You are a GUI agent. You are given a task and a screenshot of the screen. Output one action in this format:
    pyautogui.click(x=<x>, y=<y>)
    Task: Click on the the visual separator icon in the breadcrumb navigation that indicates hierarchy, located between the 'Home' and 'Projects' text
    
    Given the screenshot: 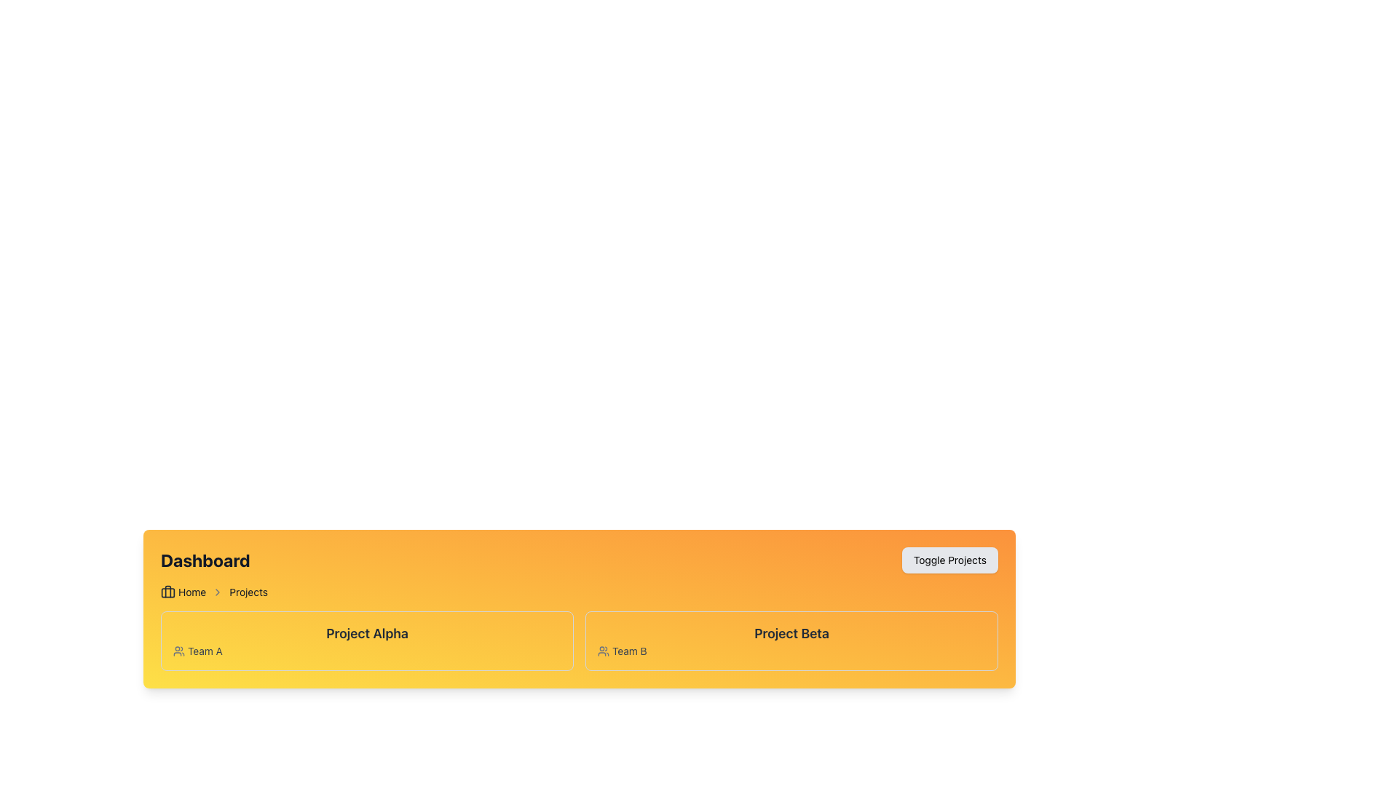 What is the action you would take?
    pyautogui.click(x=217, y=592)
    